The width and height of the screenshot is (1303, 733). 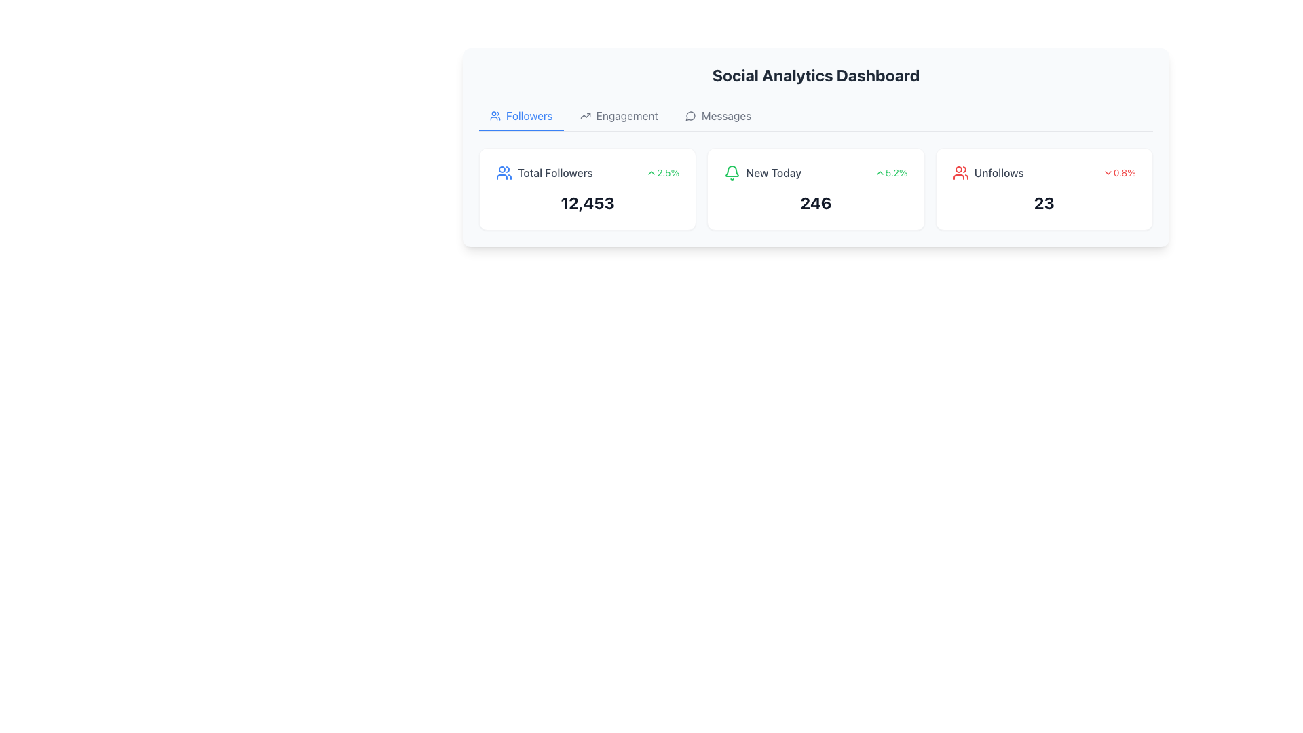 What do you see at coordinates (588, 172) in the screenshot?
I see `information presented in the Data summary header that shows 'Total Followers' with a blue user icon on the left and '2.5%' growth percentage on the right` at bounding box center [588, 172].